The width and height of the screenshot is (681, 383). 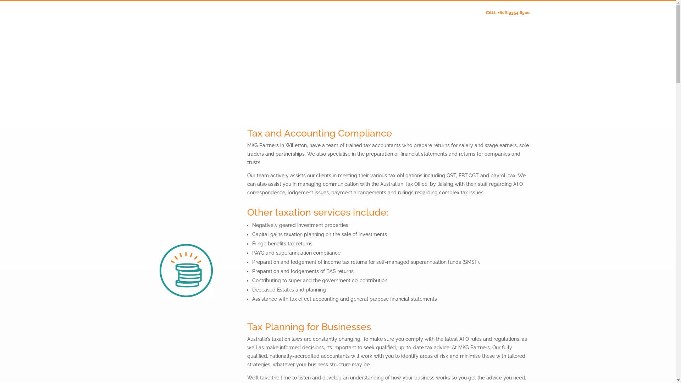 I want to click on 'CALL +61 8 9354 6500', so click(x=507, y=14).